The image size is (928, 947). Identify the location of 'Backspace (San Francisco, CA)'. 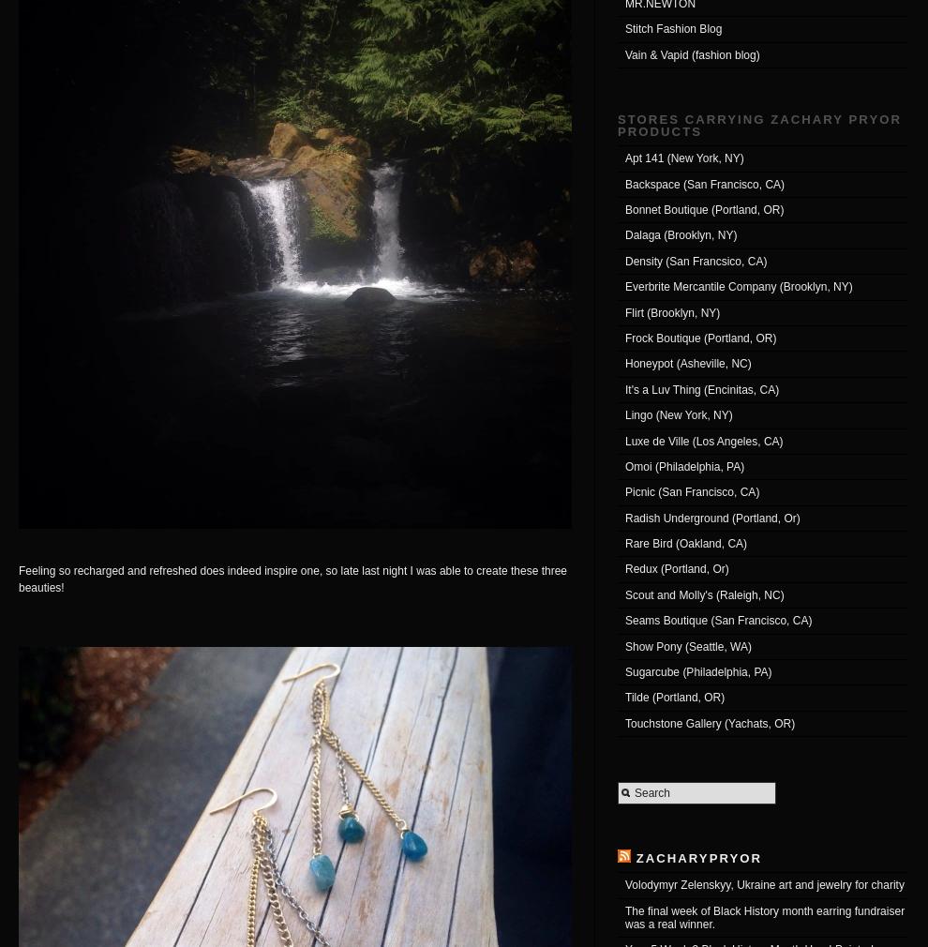
(624, 183).